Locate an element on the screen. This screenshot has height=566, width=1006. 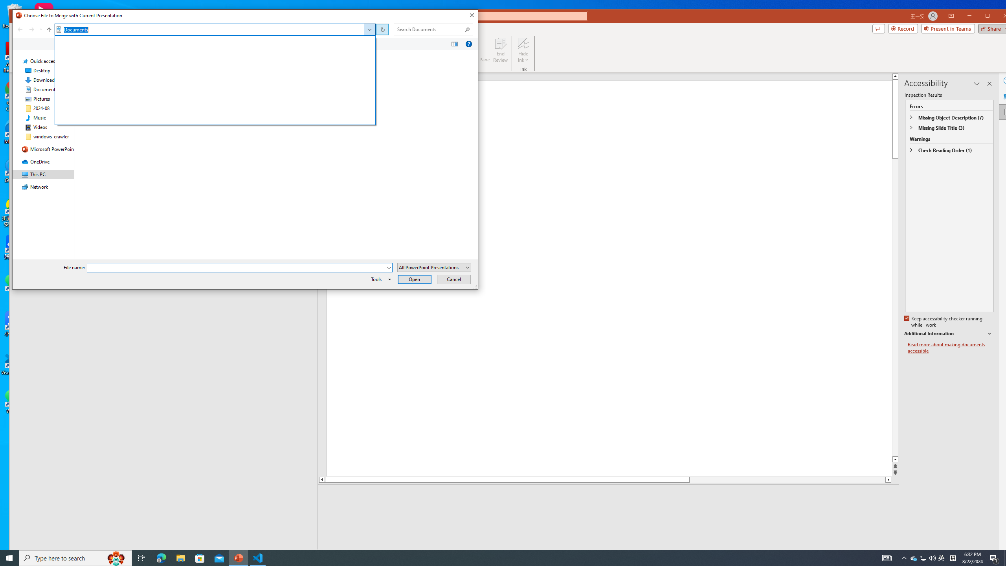
'Microsoft Edge' is located at coordinates (161, 557).